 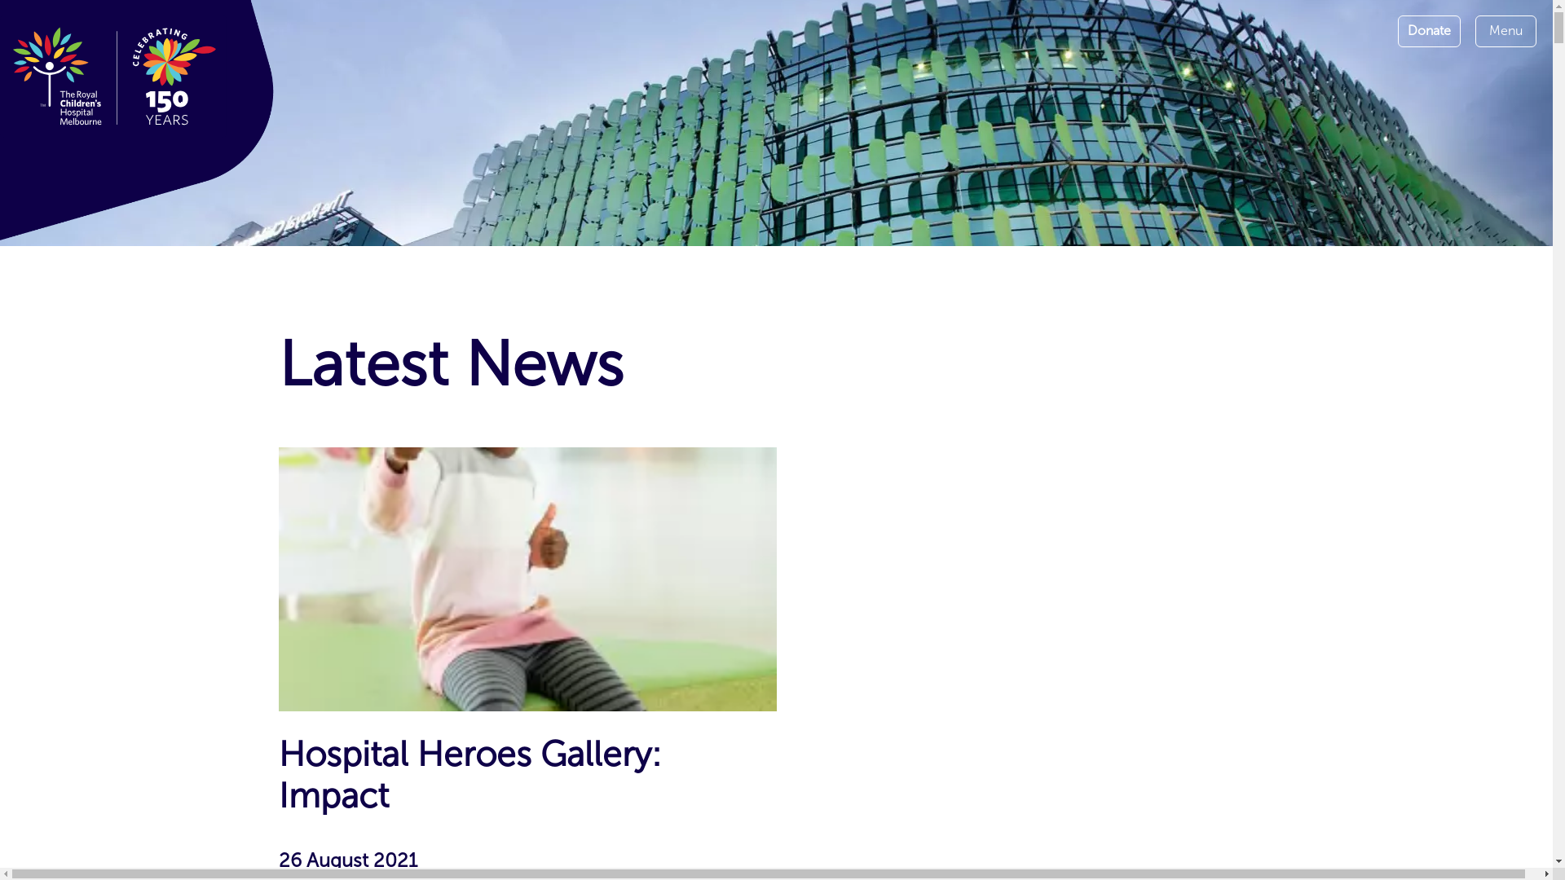 I want to click on 'Menu', so click(x=1505, y=31).